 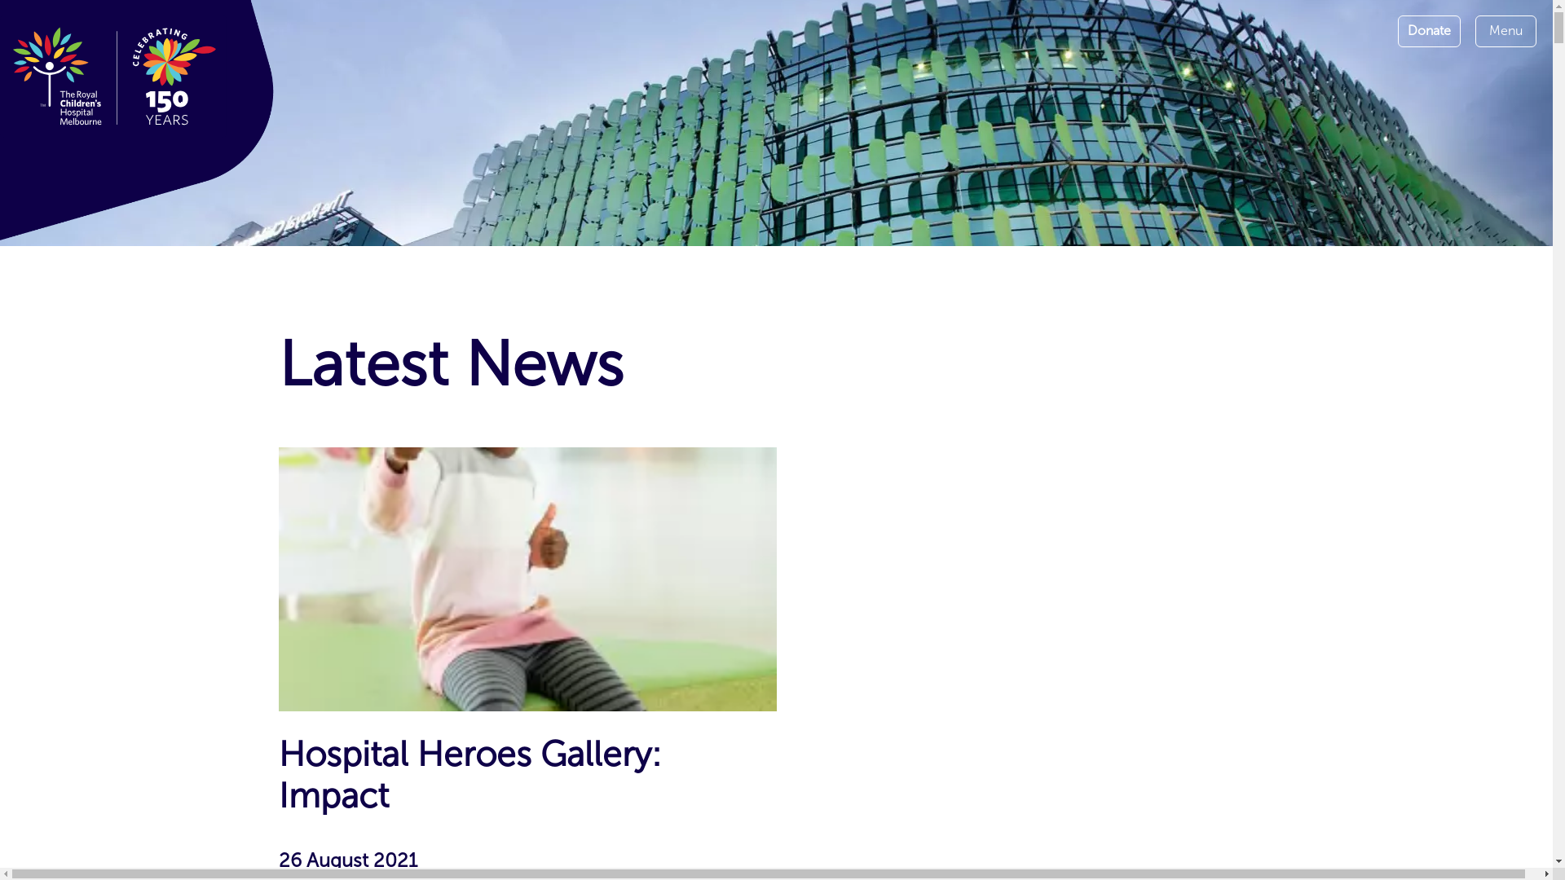 I want to click on 'Menu', so click(x=1505, y=31).